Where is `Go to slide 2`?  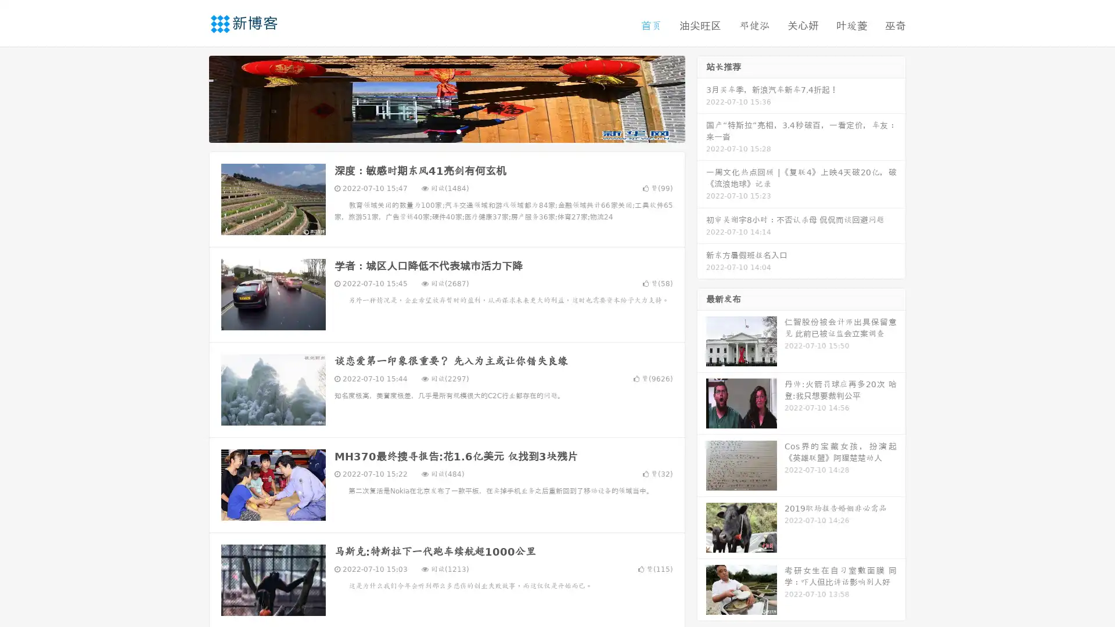
Go to slide 2 is located at coordinates (446, 131).